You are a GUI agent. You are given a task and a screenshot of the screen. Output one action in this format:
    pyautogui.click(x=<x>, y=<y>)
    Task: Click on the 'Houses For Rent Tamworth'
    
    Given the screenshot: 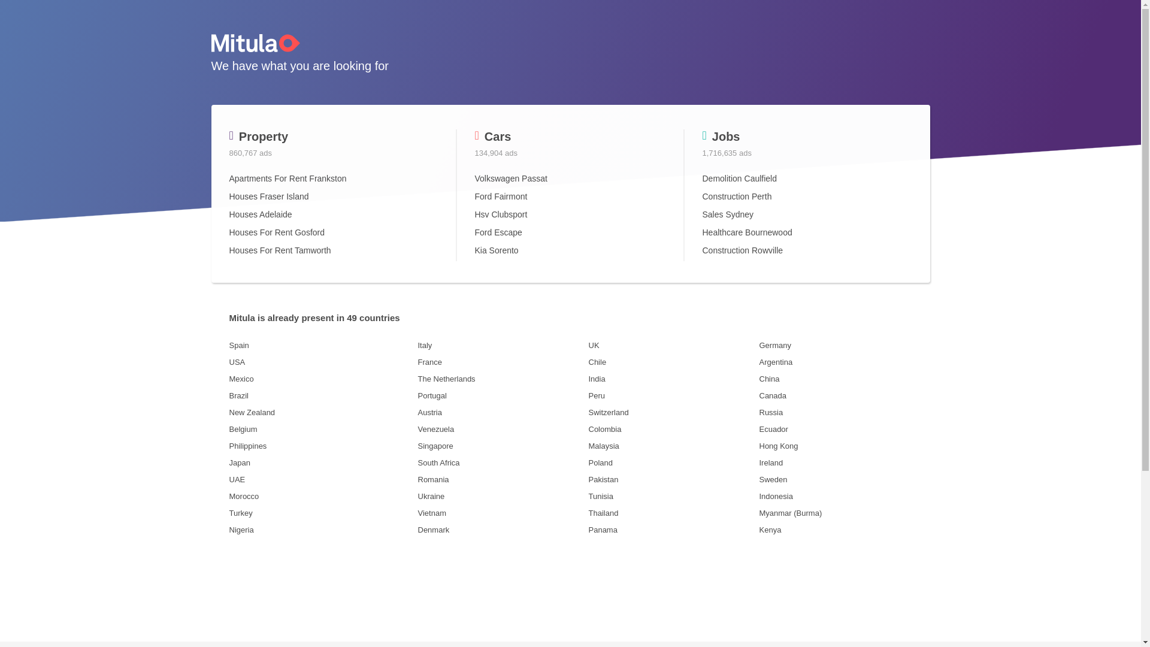 What is the action you would take?
    pyautogui.click(x=279, y=249)
    